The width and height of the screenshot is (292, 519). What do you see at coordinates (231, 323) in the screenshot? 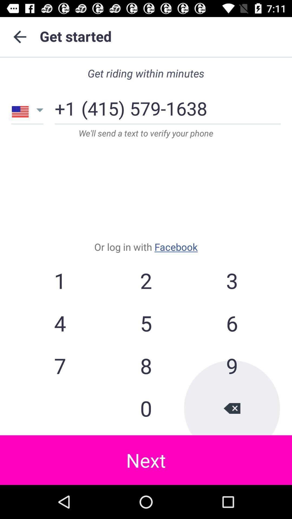
I see `icon below the 2` at bounding box center [231, 323].